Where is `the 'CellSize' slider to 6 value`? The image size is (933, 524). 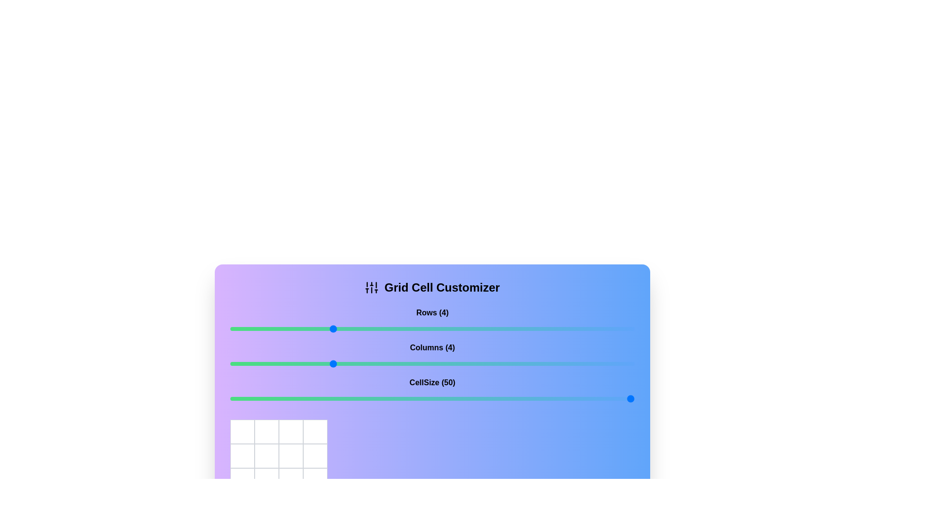
the 'CellSize' slider to 6 value is located at coordinates (432, 398).